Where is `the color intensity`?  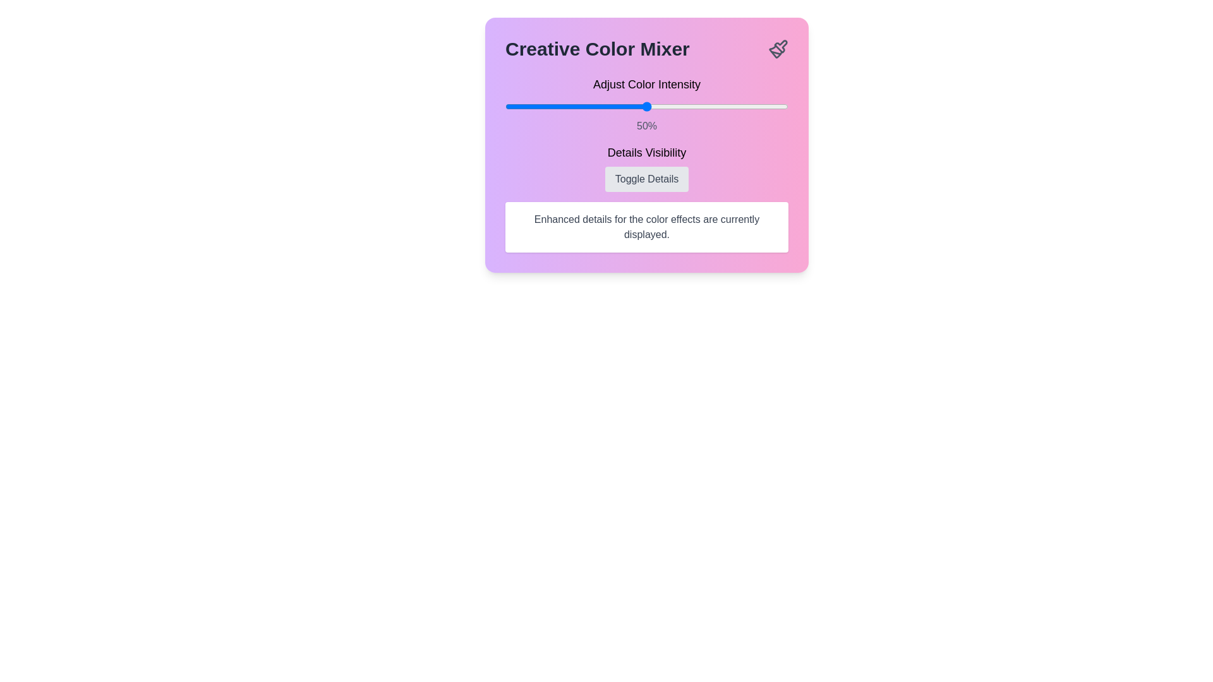 the color intensity is located at coordinates (703, 106).